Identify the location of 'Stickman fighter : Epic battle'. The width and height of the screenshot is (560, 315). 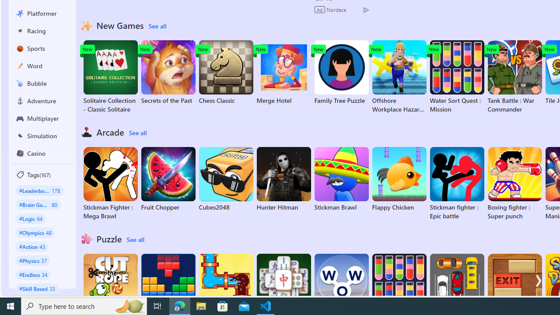
(456, 183).